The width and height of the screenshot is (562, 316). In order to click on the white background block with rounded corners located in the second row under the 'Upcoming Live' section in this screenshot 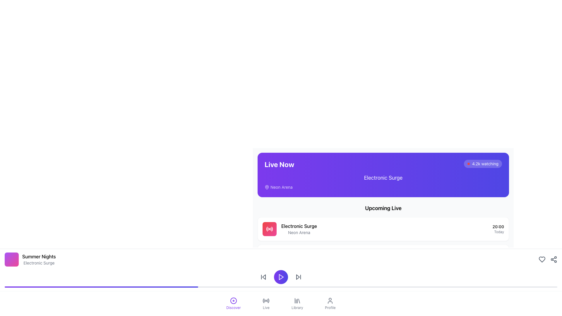, I will do `click(383, 256)`.